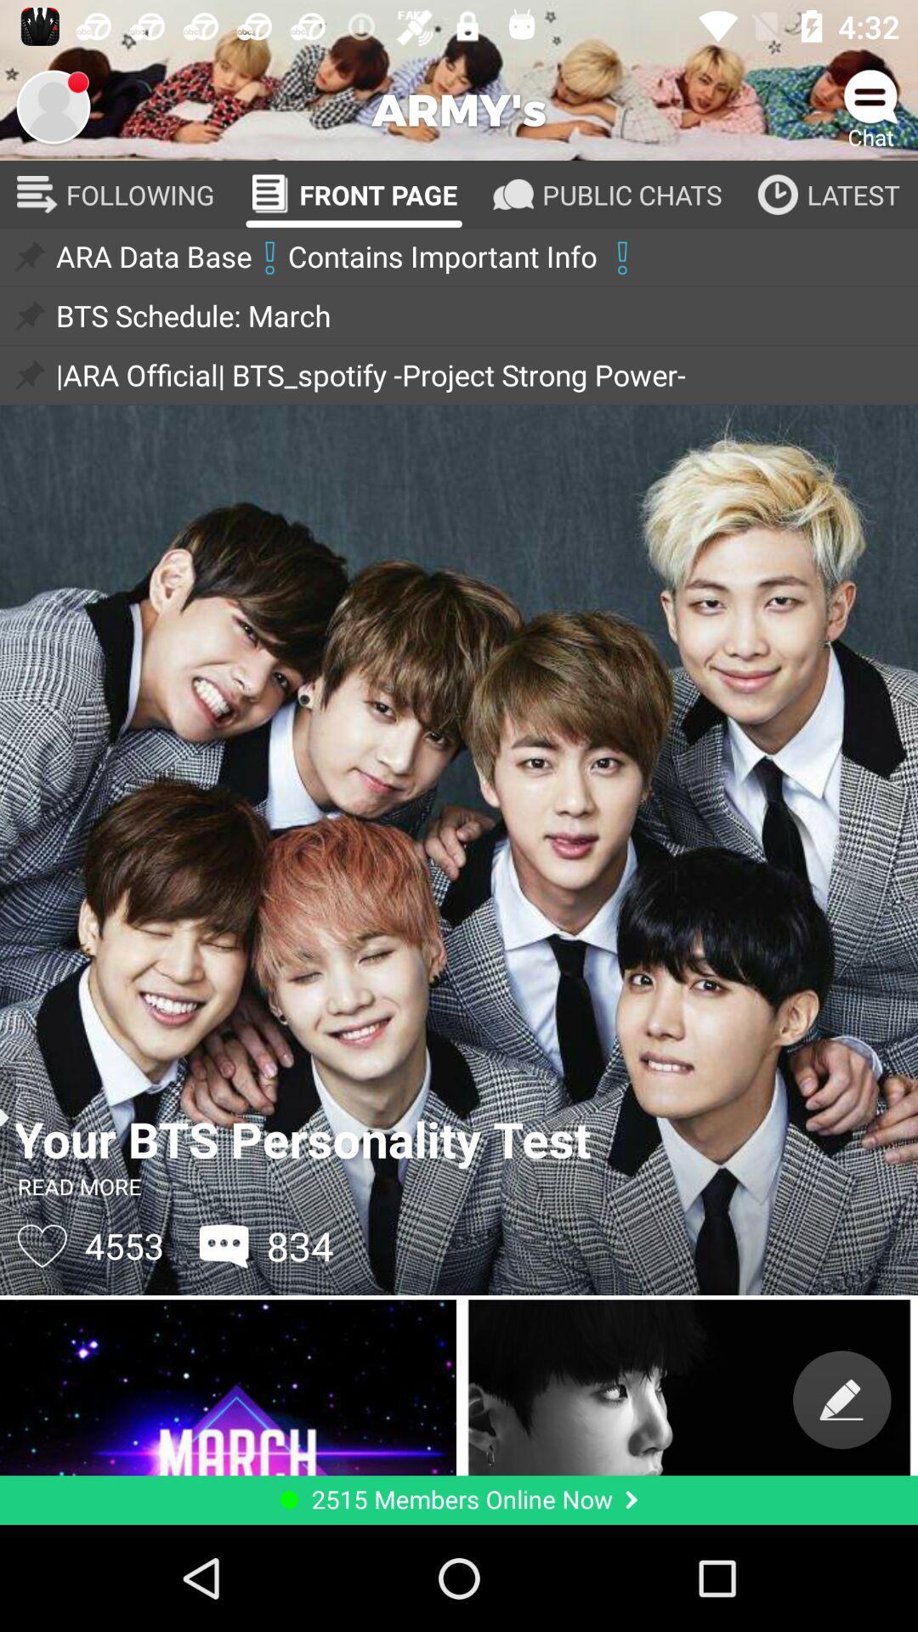  What do you see at coordinates (52, 105) in the screenshot?
I see `account info` at bounding box center [52, 105].